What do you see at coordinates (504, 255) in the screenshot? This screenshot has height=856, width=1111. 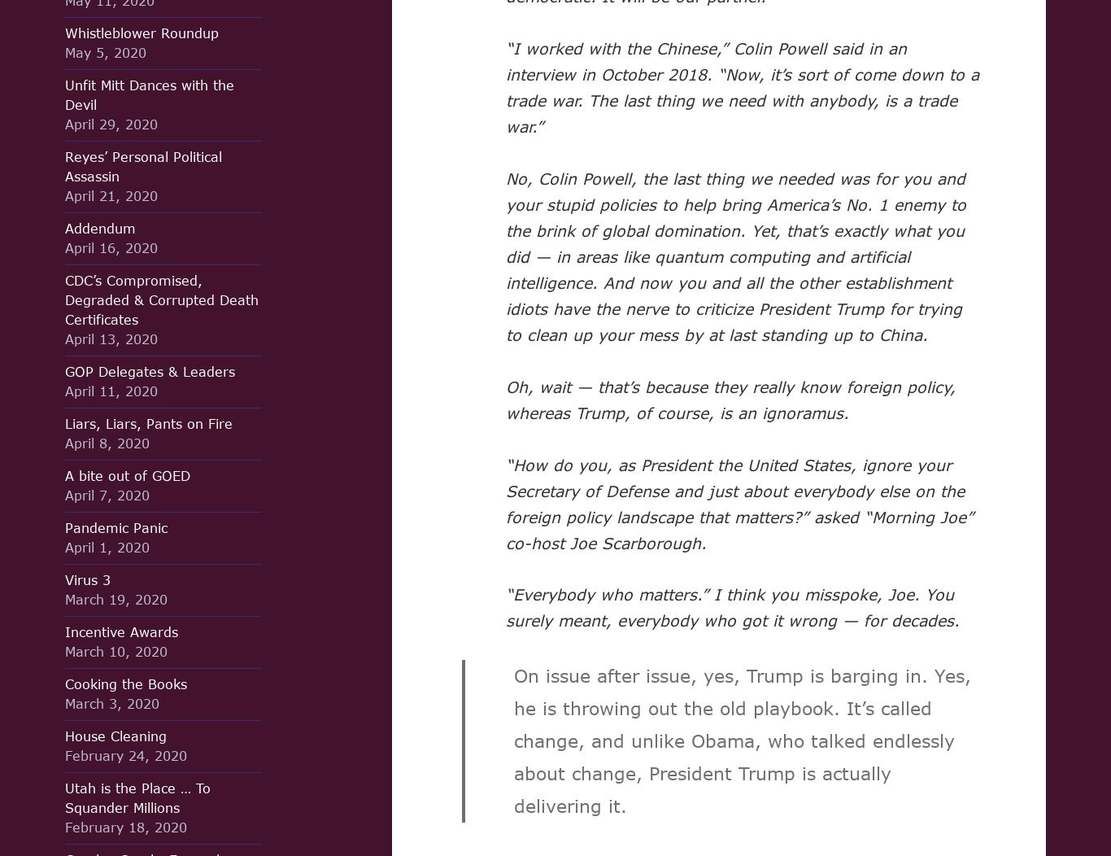 I see `'No, Colin Powell, the last thing we needed was for you and your stupid policies to help bring America’s No. 1 enemy to the brink of global domination. Yet, that’s exactly what you did — in areas like quantum computing and artificial intelligence. And now you and all the other establishment idiots have the nerve to criticize President Trump for trying to clean up your mess by at last standing up to China.'` at bounding box center [504, 255].